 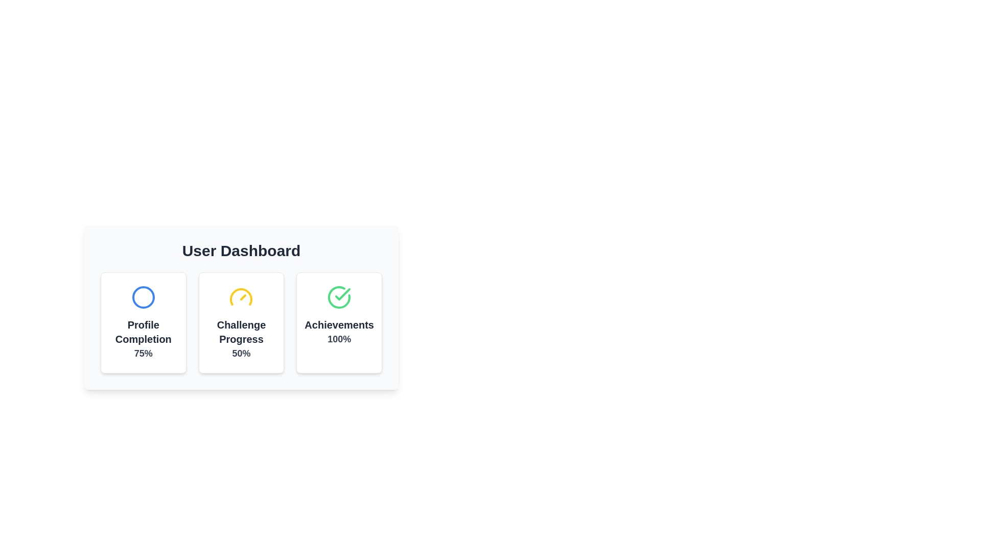 I want to click on progress percentage displayed on the informational card component located in the center column of the grid layout, between the 'Profile Completion' and 'Achievements' cards, so click(x=241, y=322).